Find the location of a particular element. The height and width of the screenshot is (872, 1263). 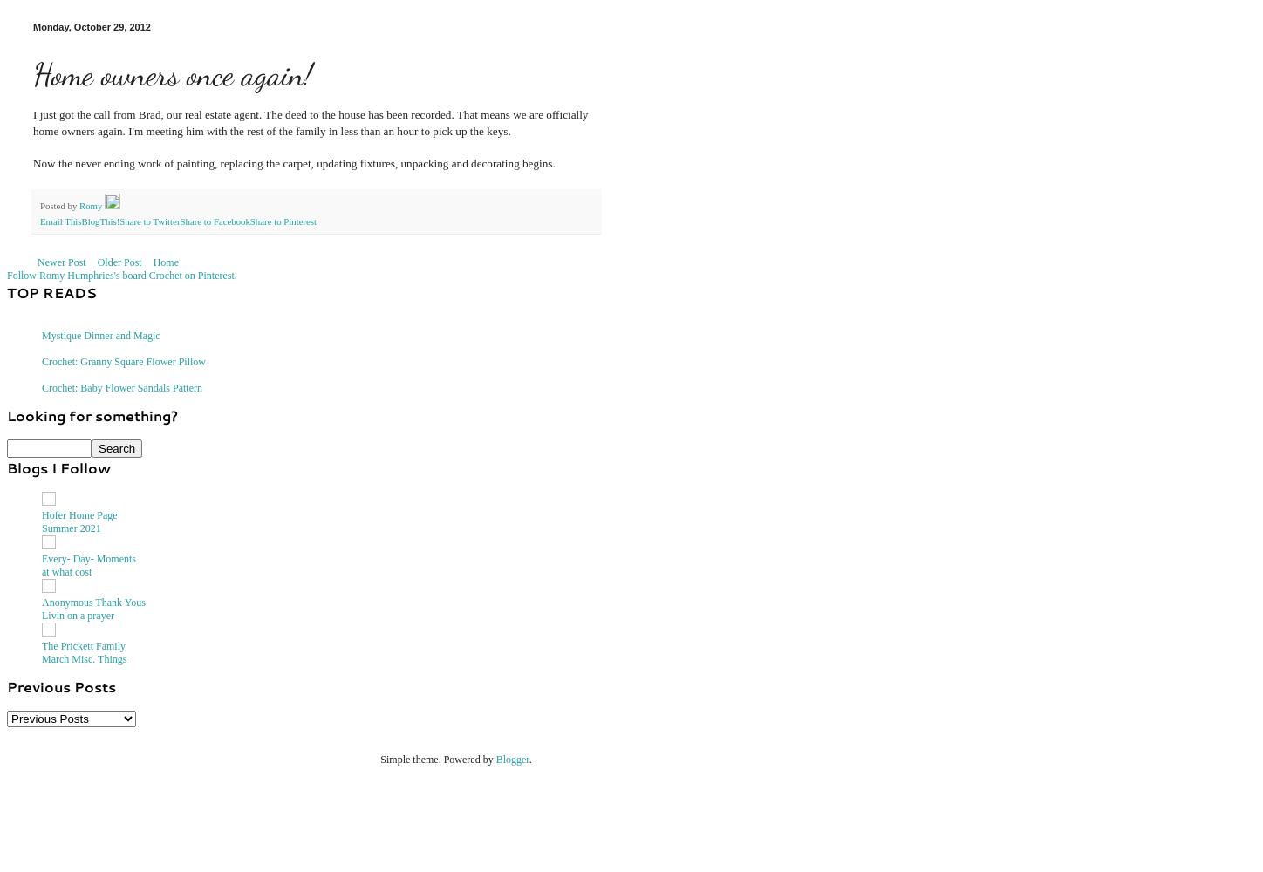

'Summer 2021' is located at coordinates (71, 527).